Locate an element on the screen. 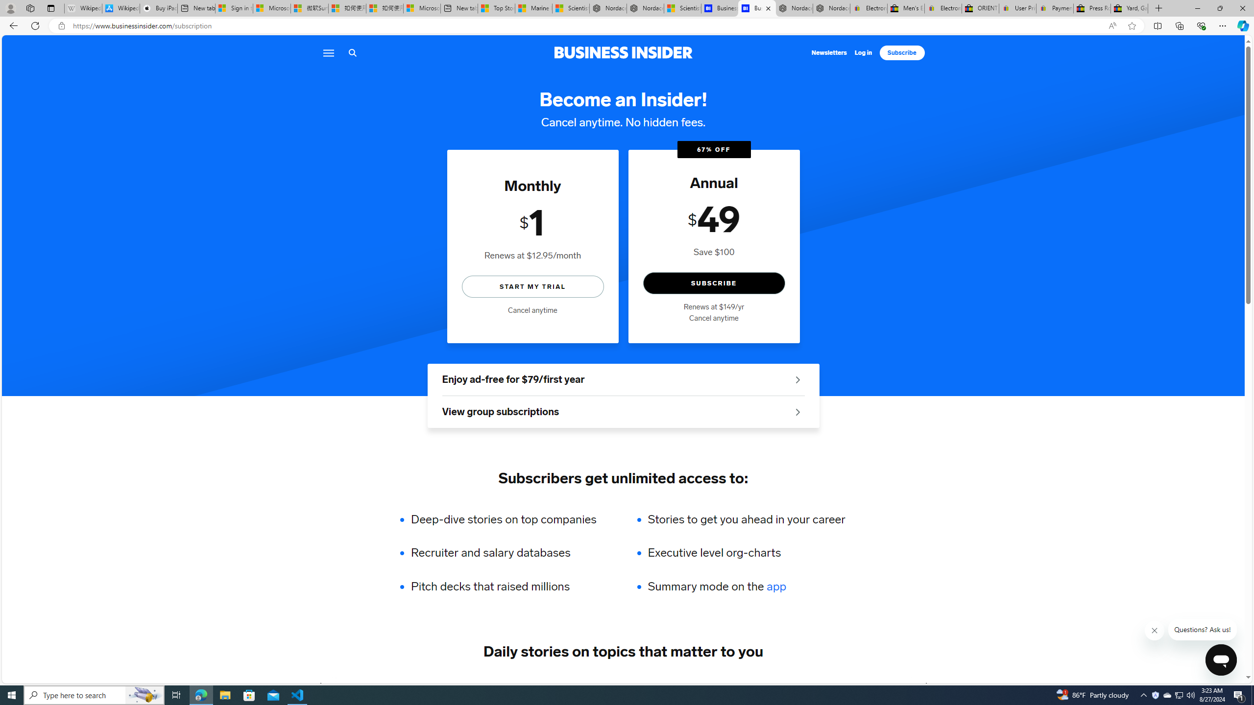 The height and width of the screenshot is (705, 1254). 'Search icon' is located at coordinates (352, 52).